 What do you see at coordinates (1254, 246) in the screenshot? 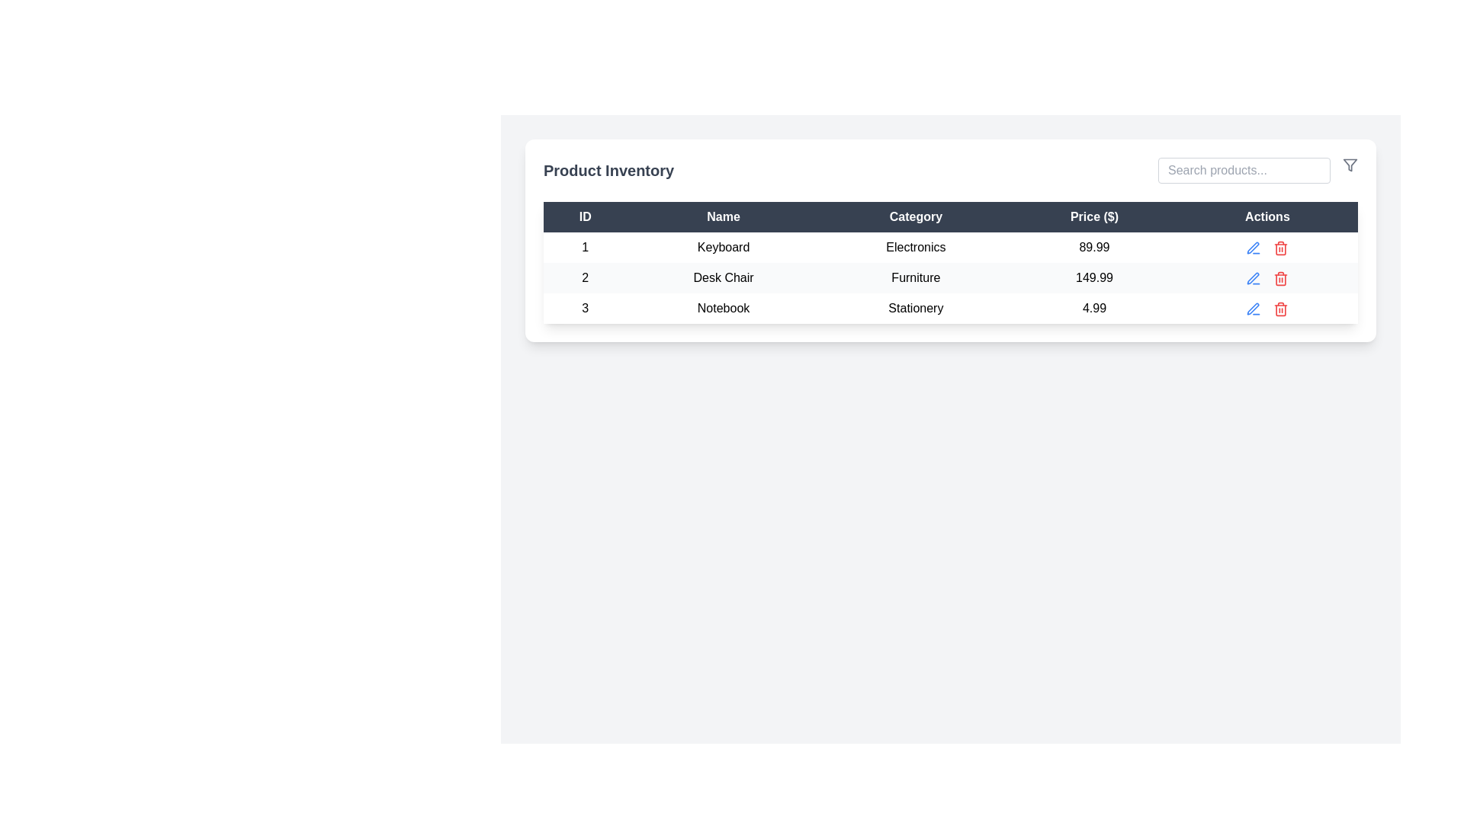
I see `the 'Edit' button, which is the first interactive icon in the 'Actions' column for the first row of the table` at bounding box center [1254, 246].